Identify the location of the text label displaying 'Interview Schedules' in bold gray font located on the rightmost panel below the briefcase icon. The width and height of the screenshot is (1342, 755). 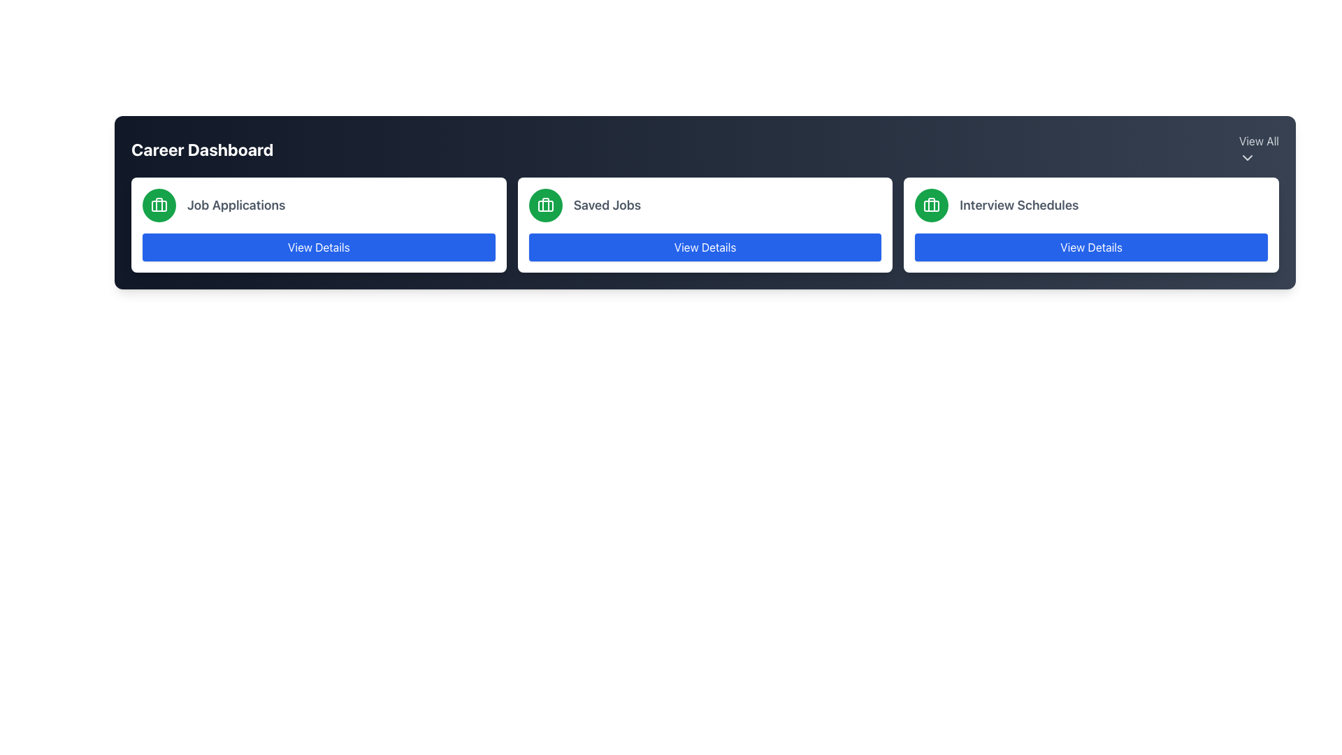
(1019, 205).